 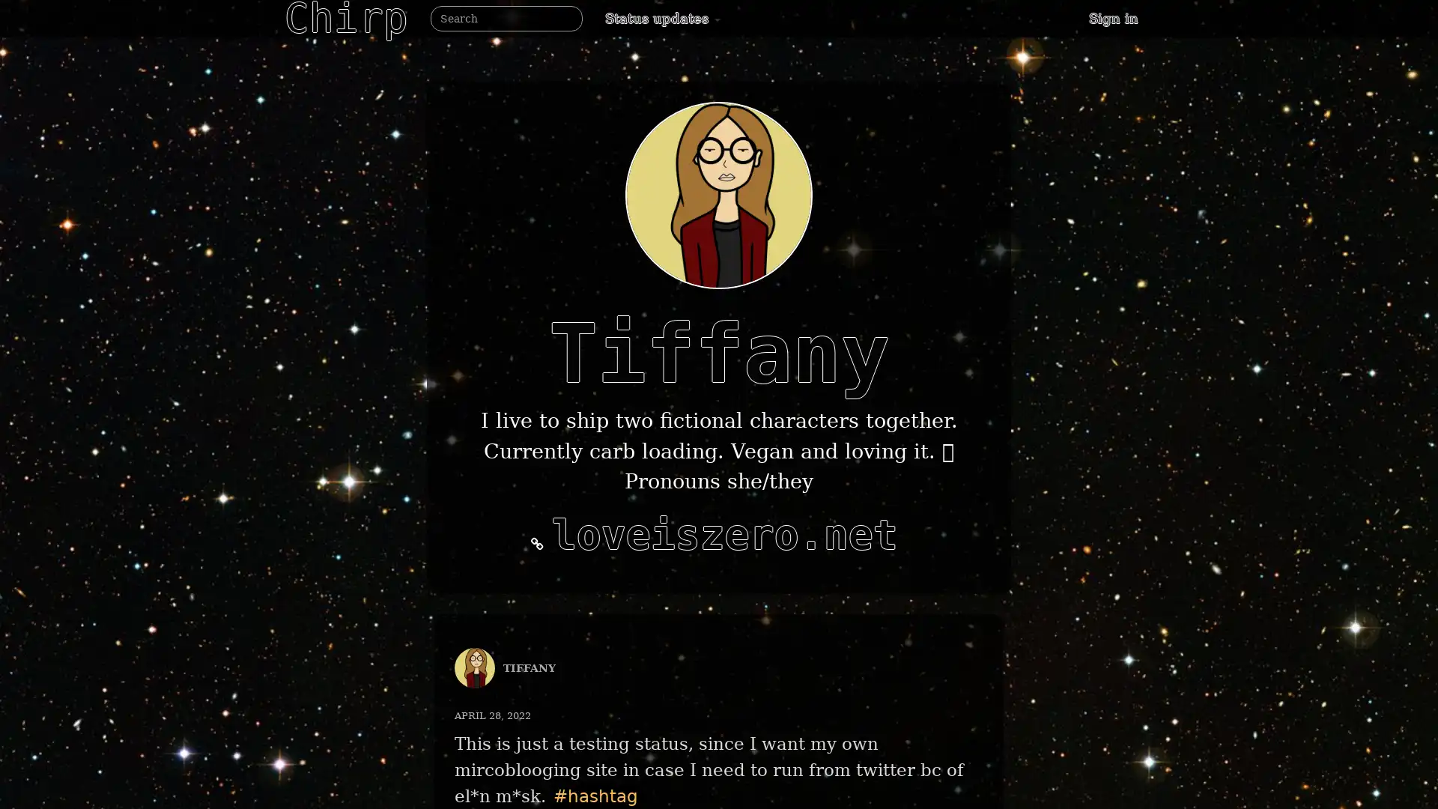 I want to click on Status updates, so click(x=661, y=18).